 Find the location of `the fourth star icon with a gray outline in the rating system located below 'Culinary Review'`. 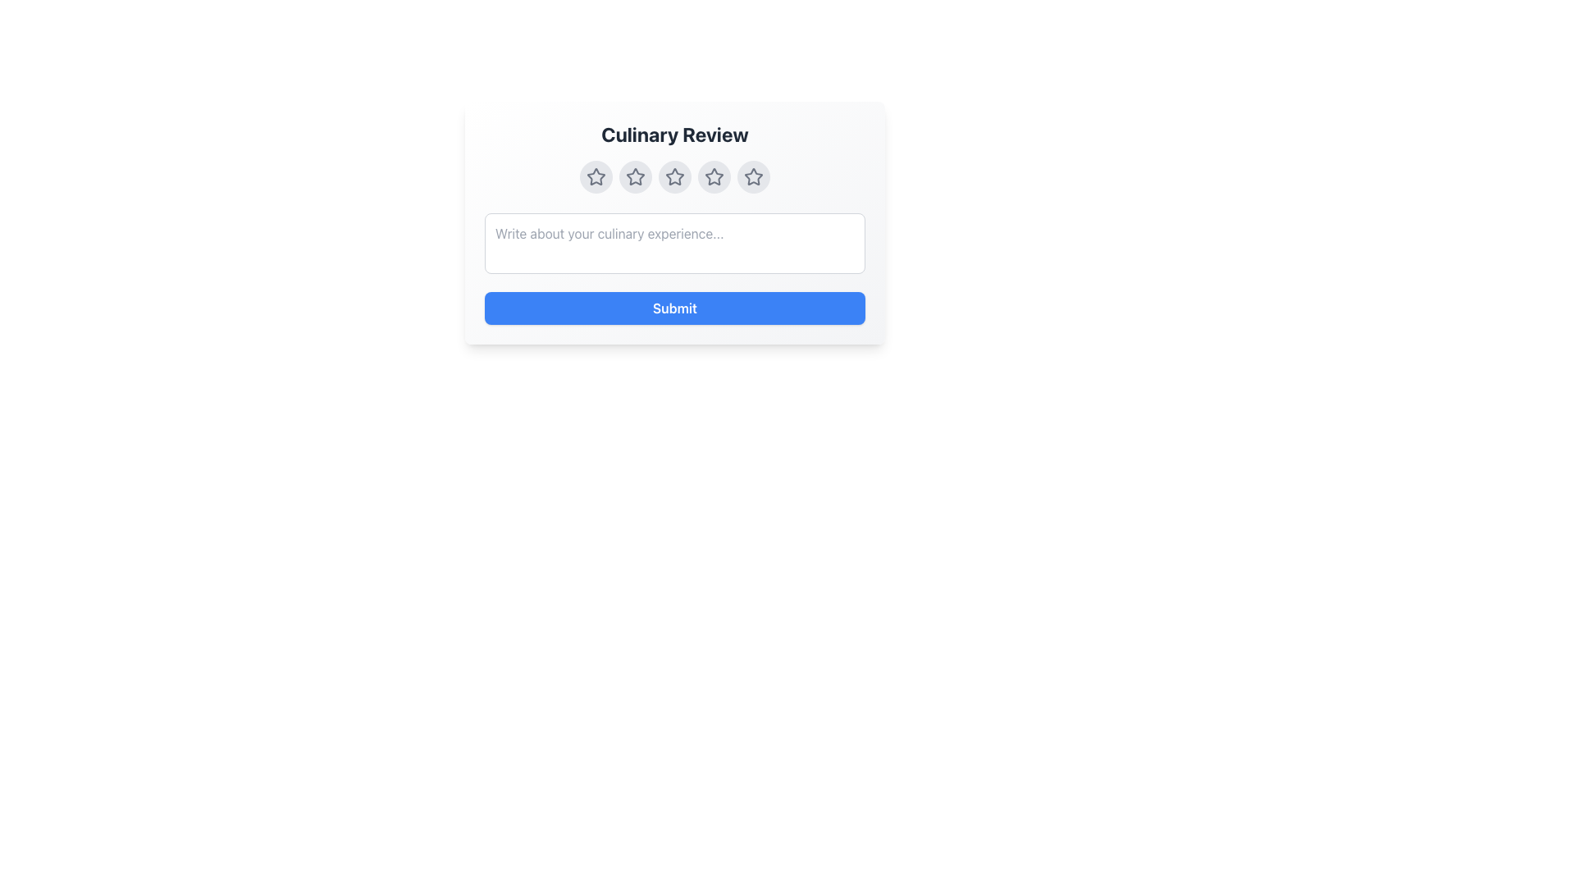

the fourth star icon with a gray outline in the rating system located below 'Culinary Review' is located at coordinates (714, 177).